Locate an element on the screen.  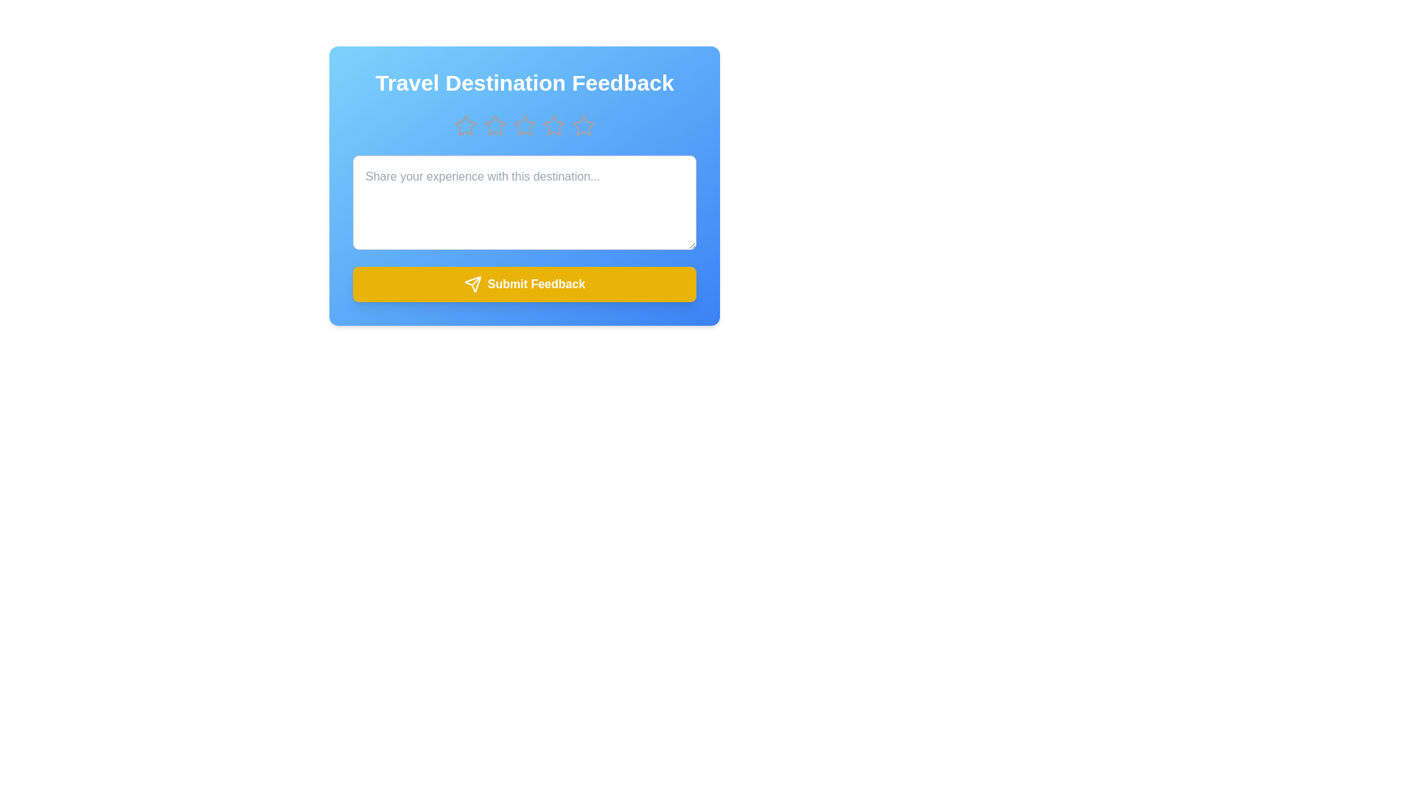
the star corresponding to 5 to preview the rating is located at coordinates (583, 125).